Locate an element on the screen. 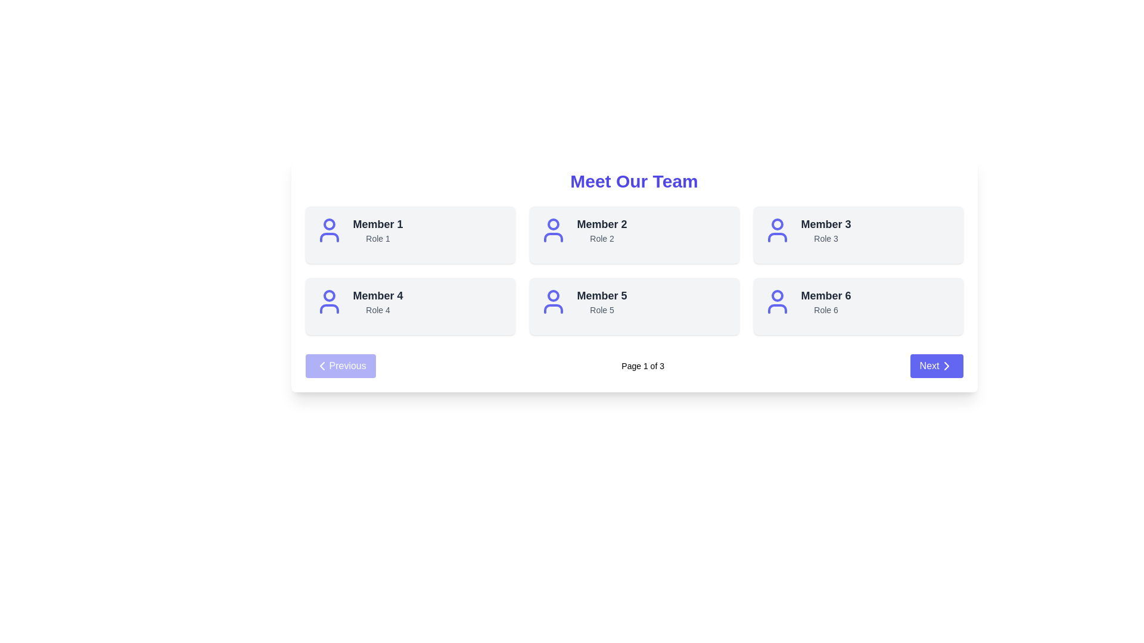  the circular graphical shape representing part of the user avatar icon for 'Member 3' in the team listing section is located at coordinates (777, 224).